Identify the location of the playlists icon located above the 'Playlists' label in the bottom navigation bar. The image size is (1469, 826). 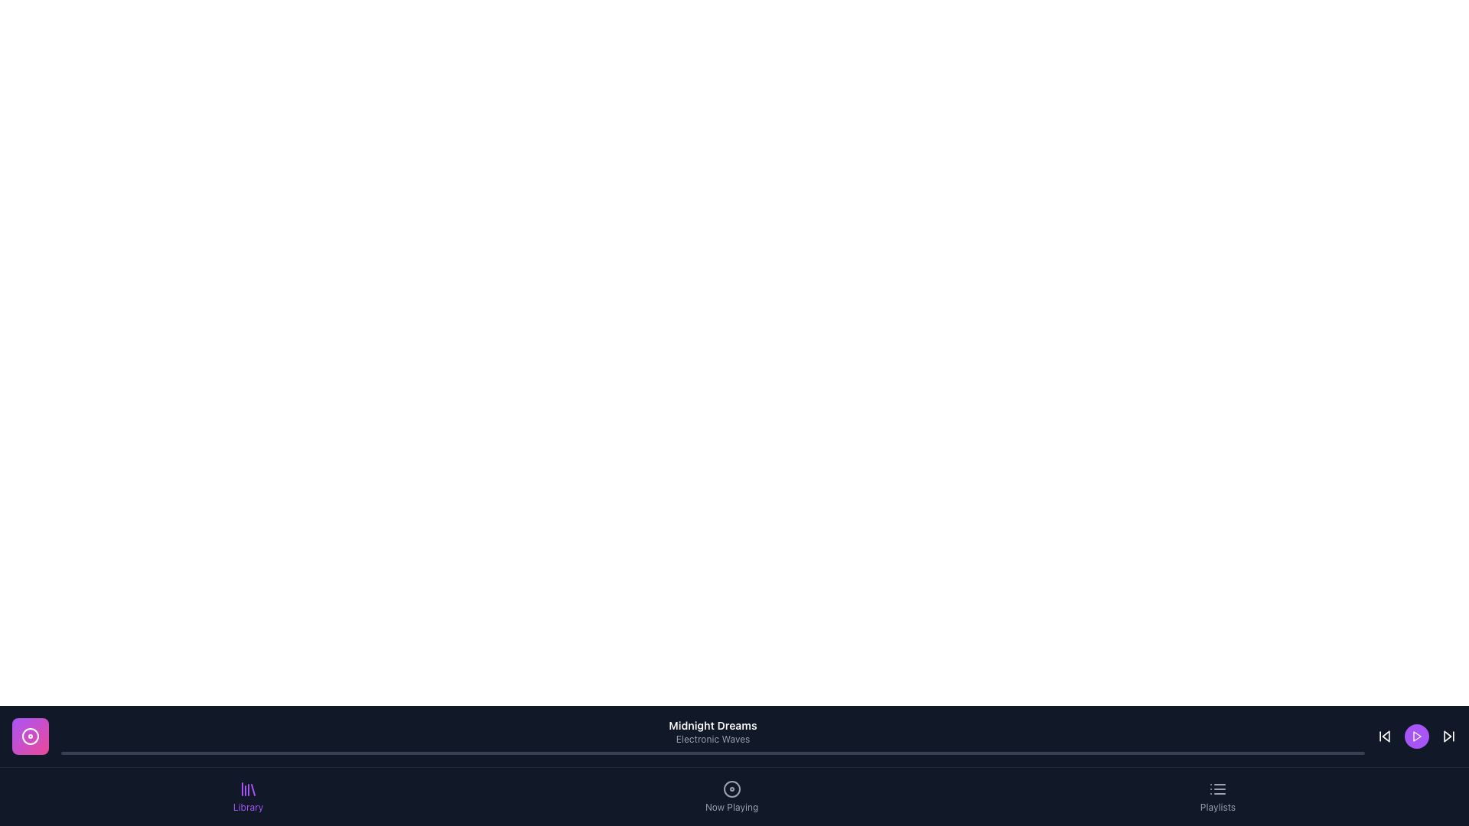
(1217, 789).